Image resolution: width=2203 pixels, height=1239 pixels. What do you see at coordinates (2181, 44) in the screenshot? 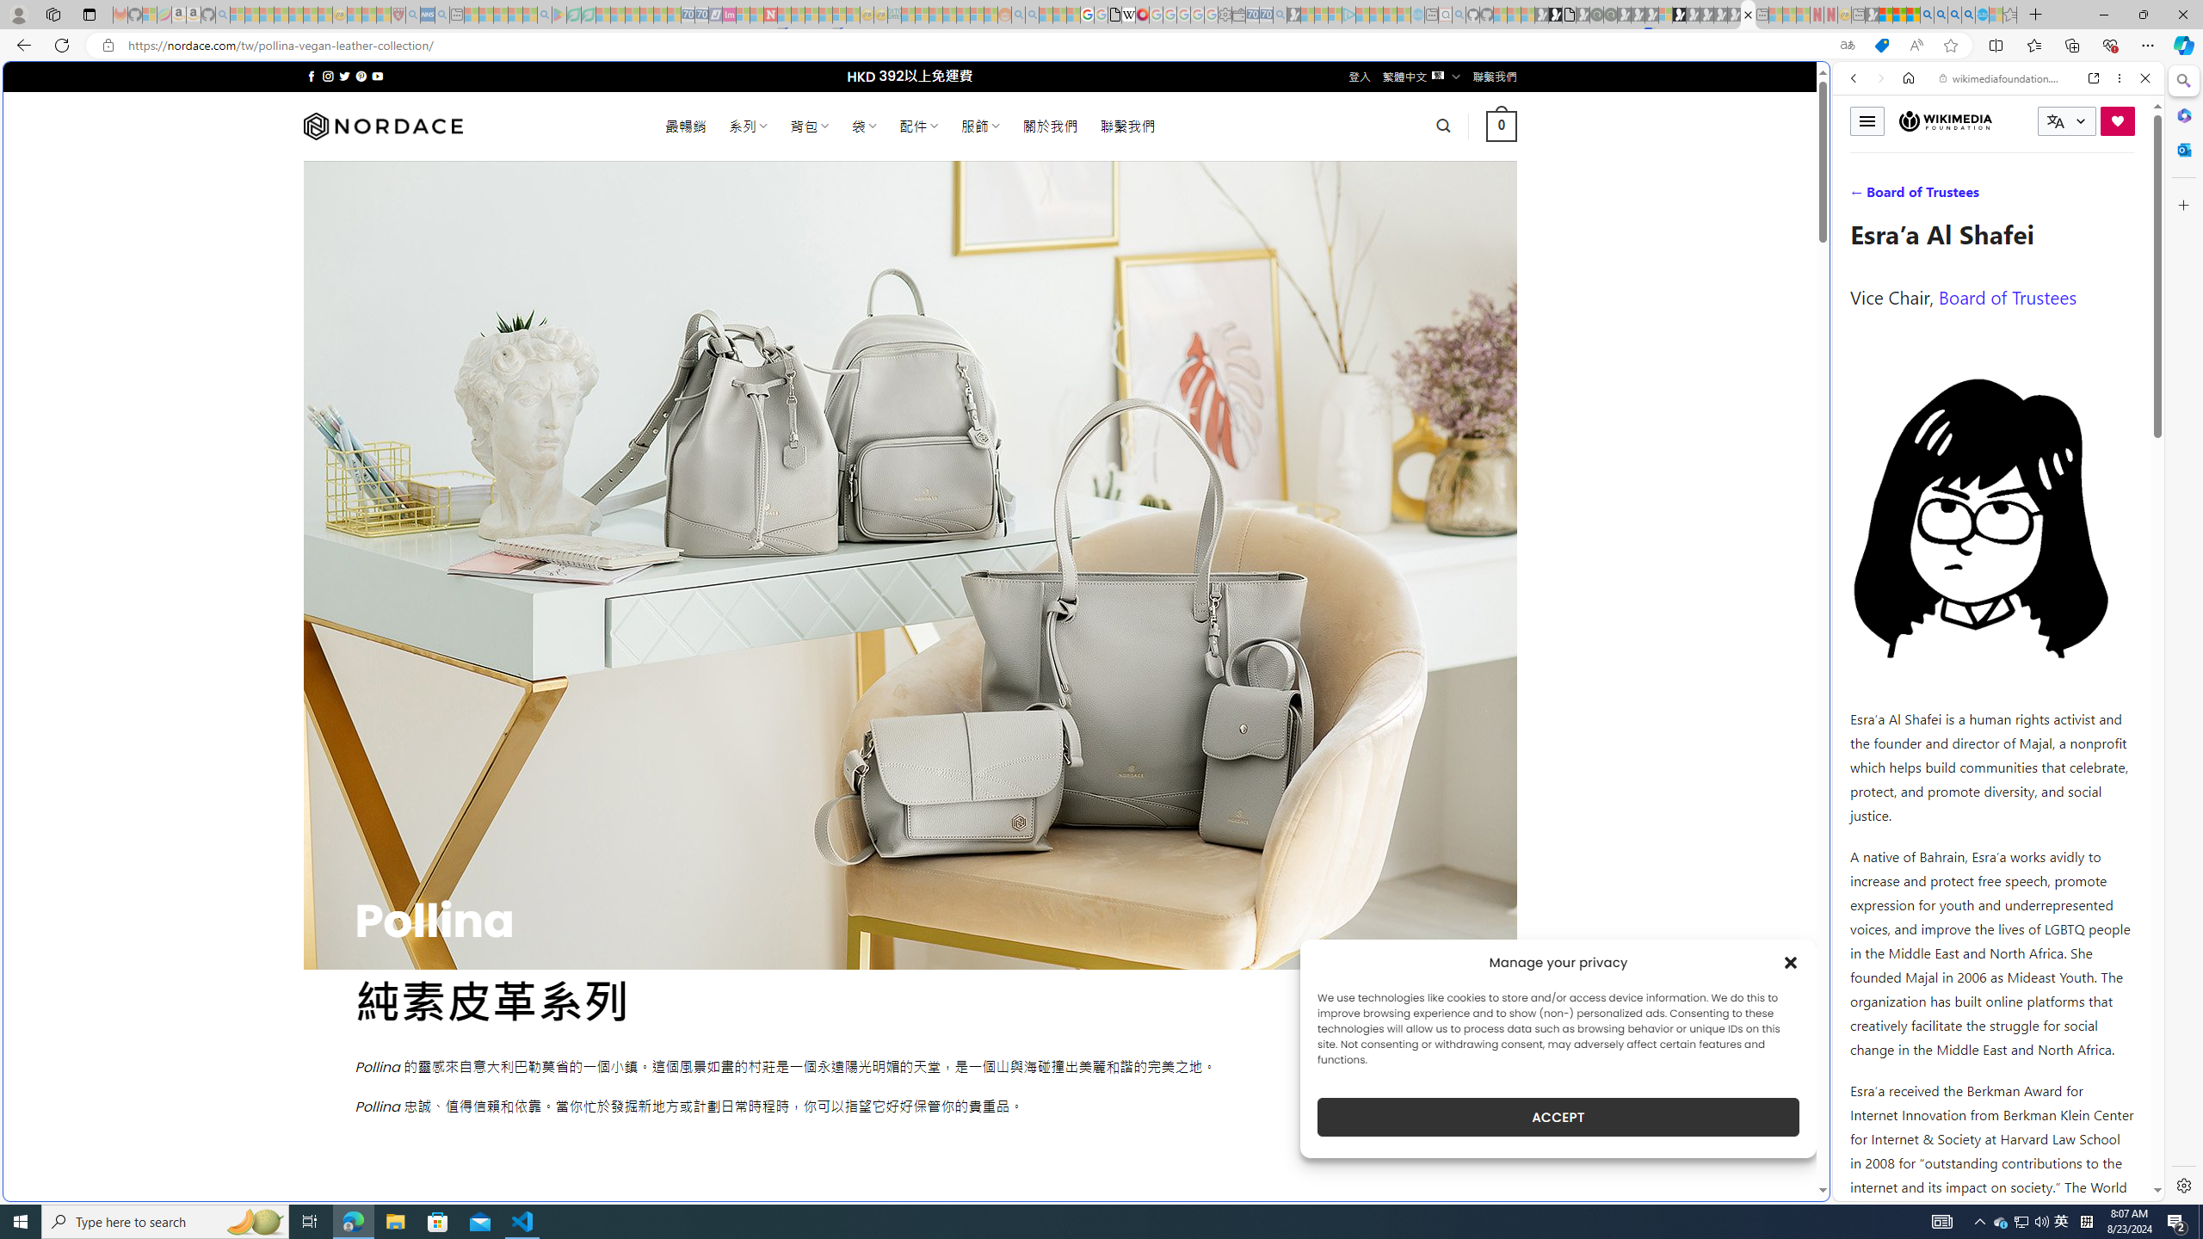
I see `'Copilot (Ctrl+Shift+.)'` at bounding box center [2181, 44].